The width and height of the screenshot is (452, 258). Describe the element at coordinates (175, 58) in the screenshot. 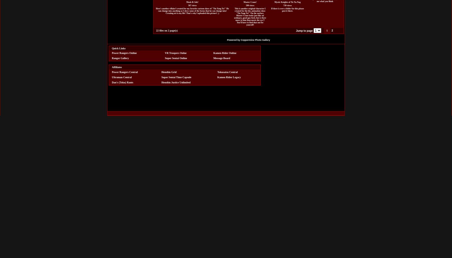

I see `'Super Sentai Online'` at that location.